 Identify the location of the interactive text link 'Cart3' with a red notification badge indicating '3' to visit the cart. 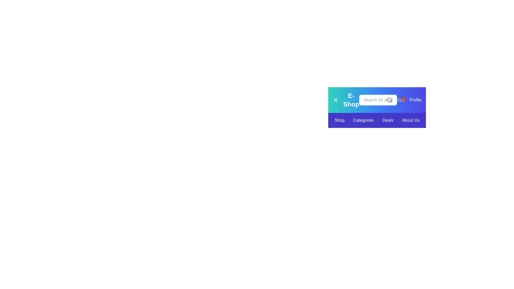
(401, 100).